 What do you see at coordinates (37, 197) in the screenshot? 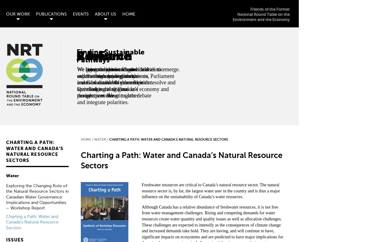
I see `'Exploring the Changing Role of the Natural Resource Sectors in Canadian Water Governance: Implications and Opportunities – Workshop Report'` at bounding box center [37, 197].